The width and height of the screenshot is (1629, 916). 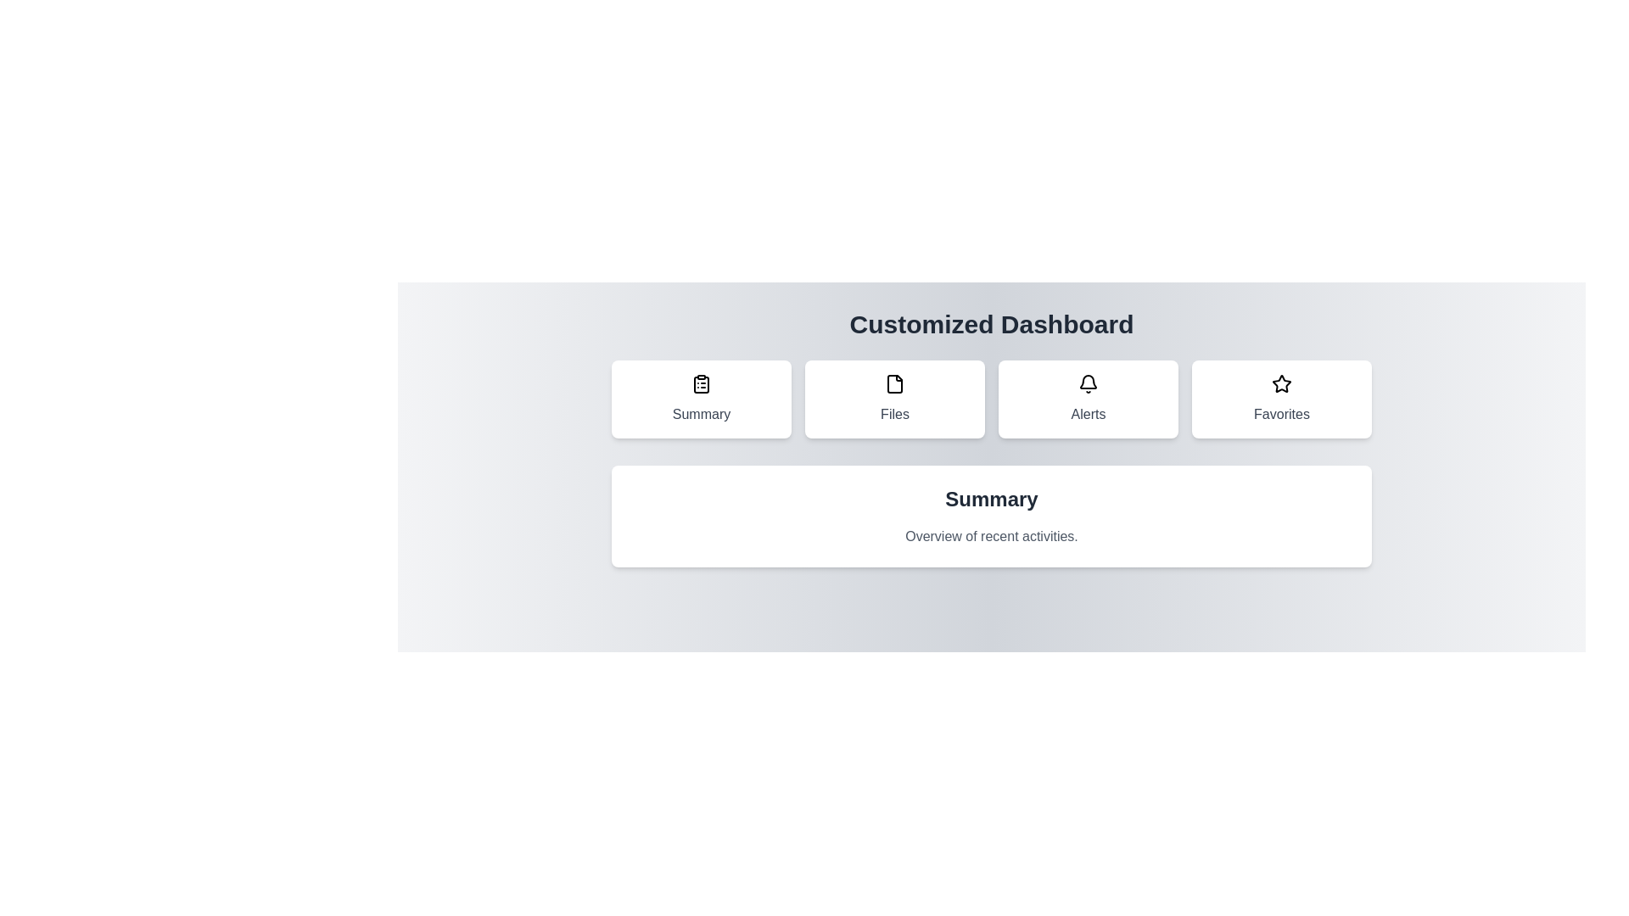 I want to click on the 'Summary' button, which is styled as a card with a white background and contains a clipboard icon at the top, so click(x=701, y=399).